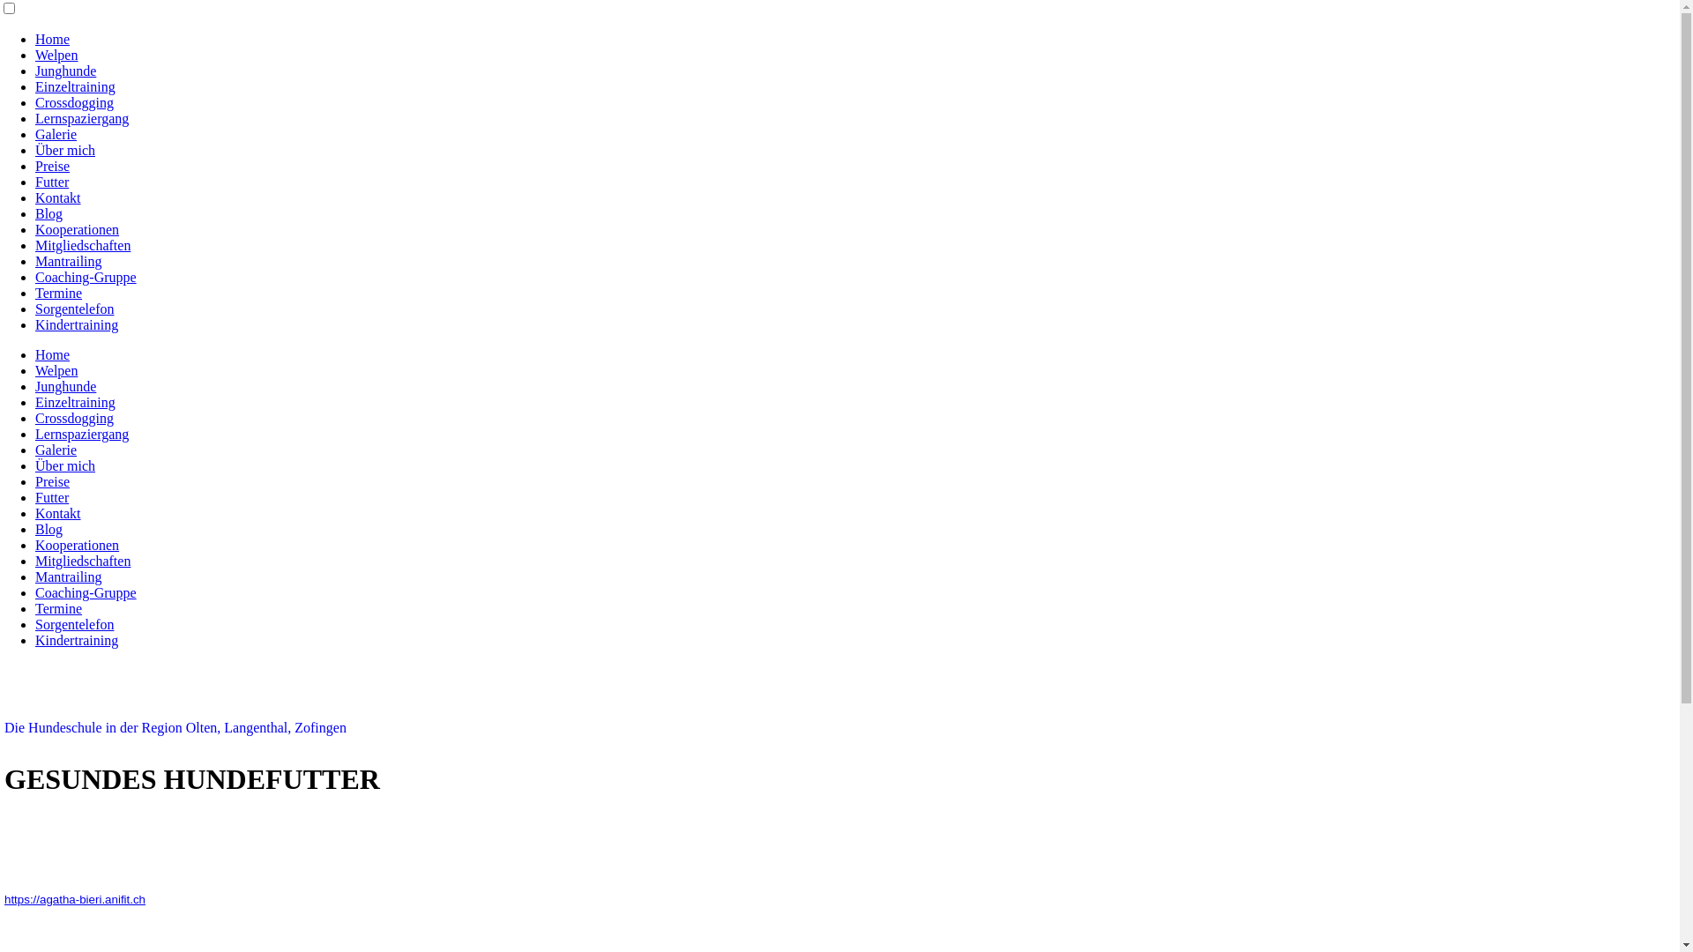  What do you see at coordinates (73, 623) in the screenshot?
I see `'Sorgentelefon'` at bounding box center [73, 623].